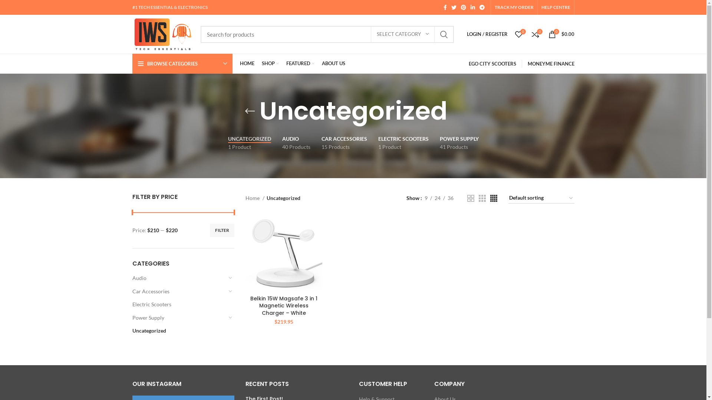 Image resolution: width=712 pixels, height=400 pixels. What do you see at coordinates (255, 198) in the screenshot?
I see `'Home'` at bounding box center [255, 198].